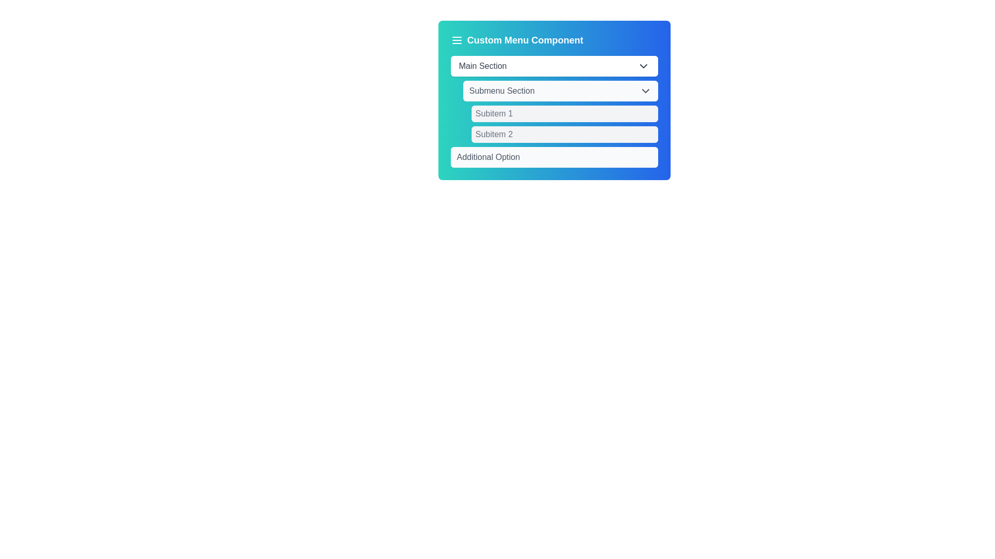 Image resolution: width=995 pixels, height=559 pixels. I want to click on the icon or button located to the left of the text 'Custom Menu Component' in the top-left section of the gradient-colored menu box, so click(456, 39).